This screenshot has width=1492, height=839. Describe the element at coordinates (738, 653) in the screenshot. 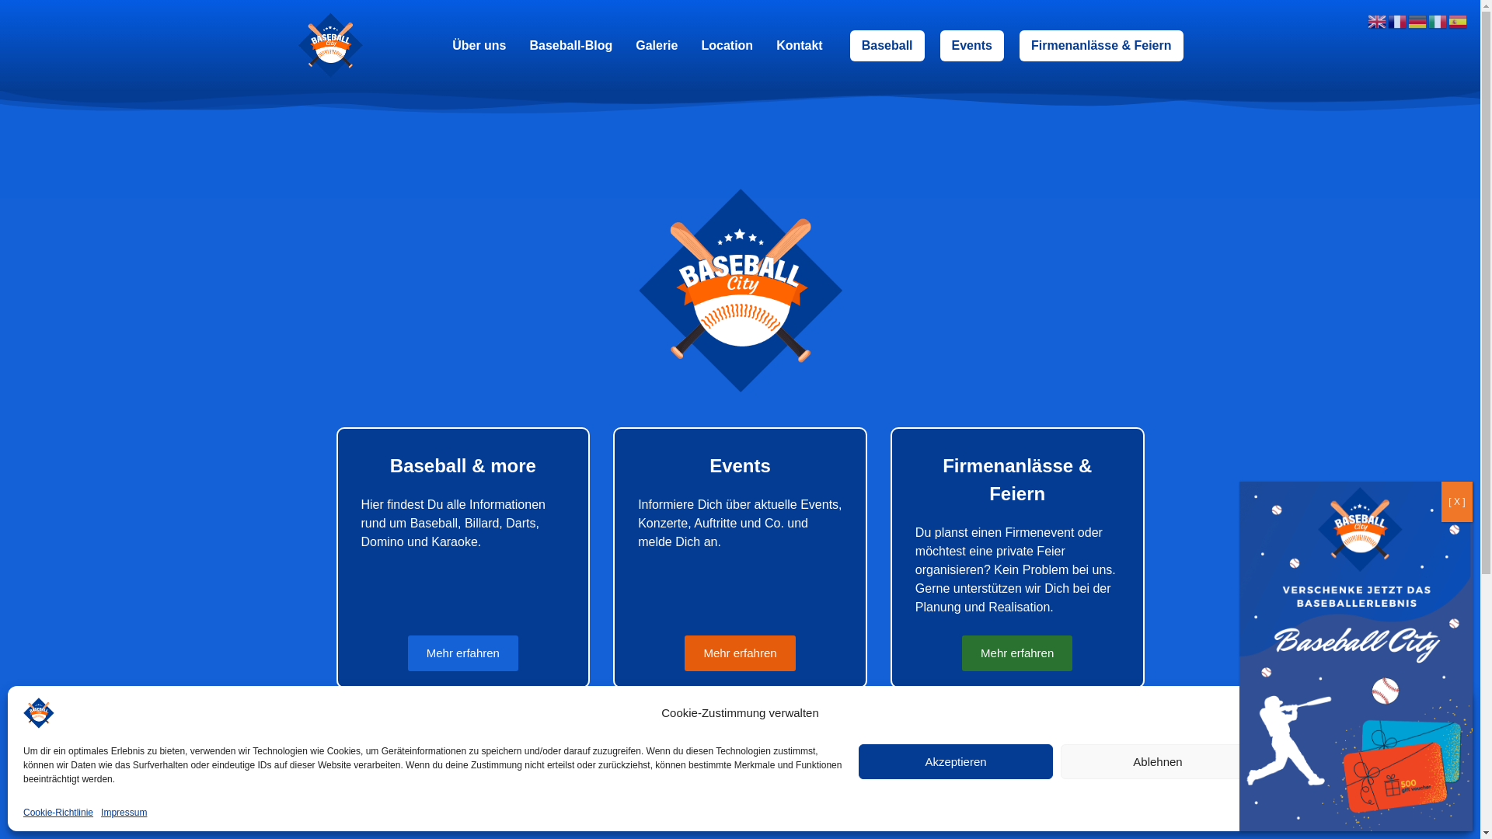

I see `'Mehr erfahren'` at that location.